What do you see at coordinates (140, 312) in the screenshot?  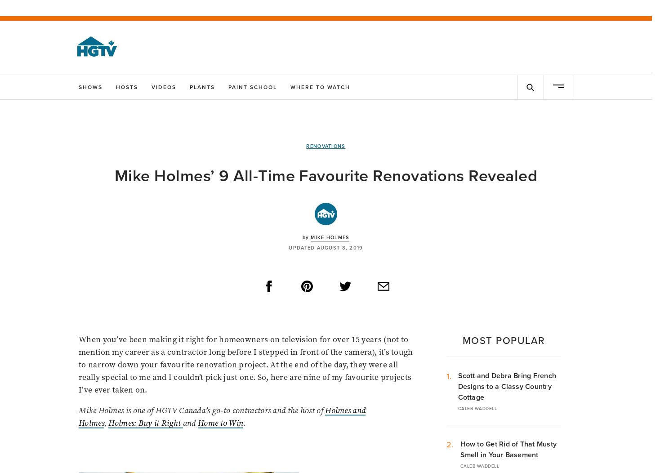 I see `'How to Transform Your Small Nursery Room for Under $100'` at bounding box center [140, 312].